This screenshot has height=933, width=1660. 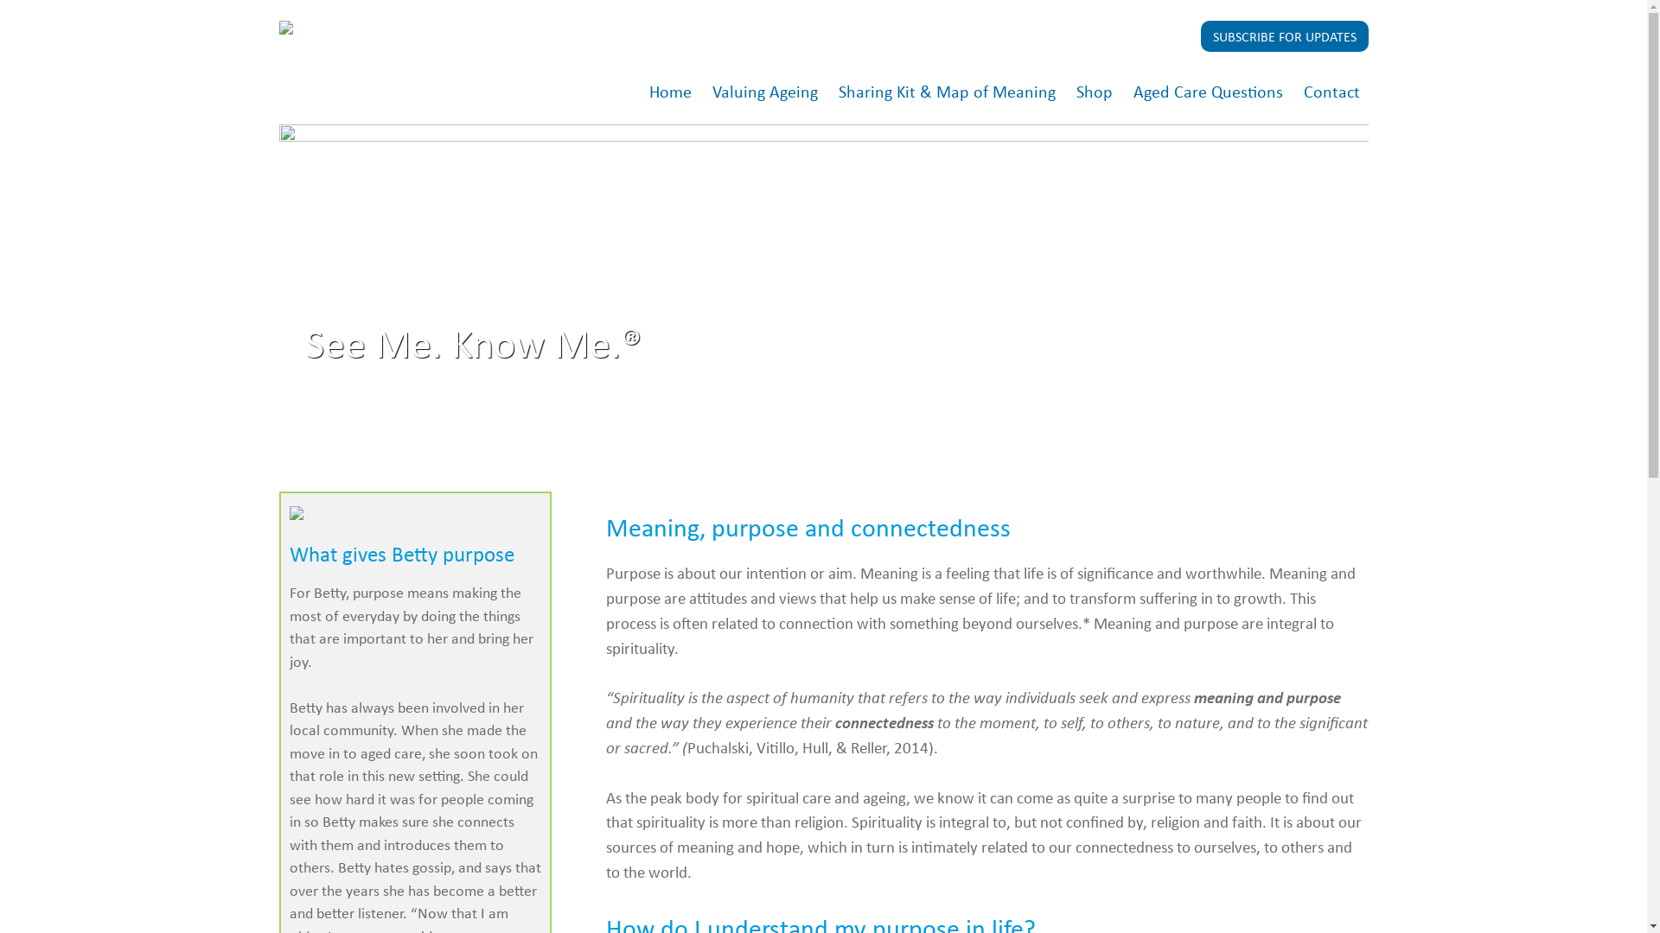 I want to click on 'Sharing Kit & Map of Meaning', so click(x=946, y=92).